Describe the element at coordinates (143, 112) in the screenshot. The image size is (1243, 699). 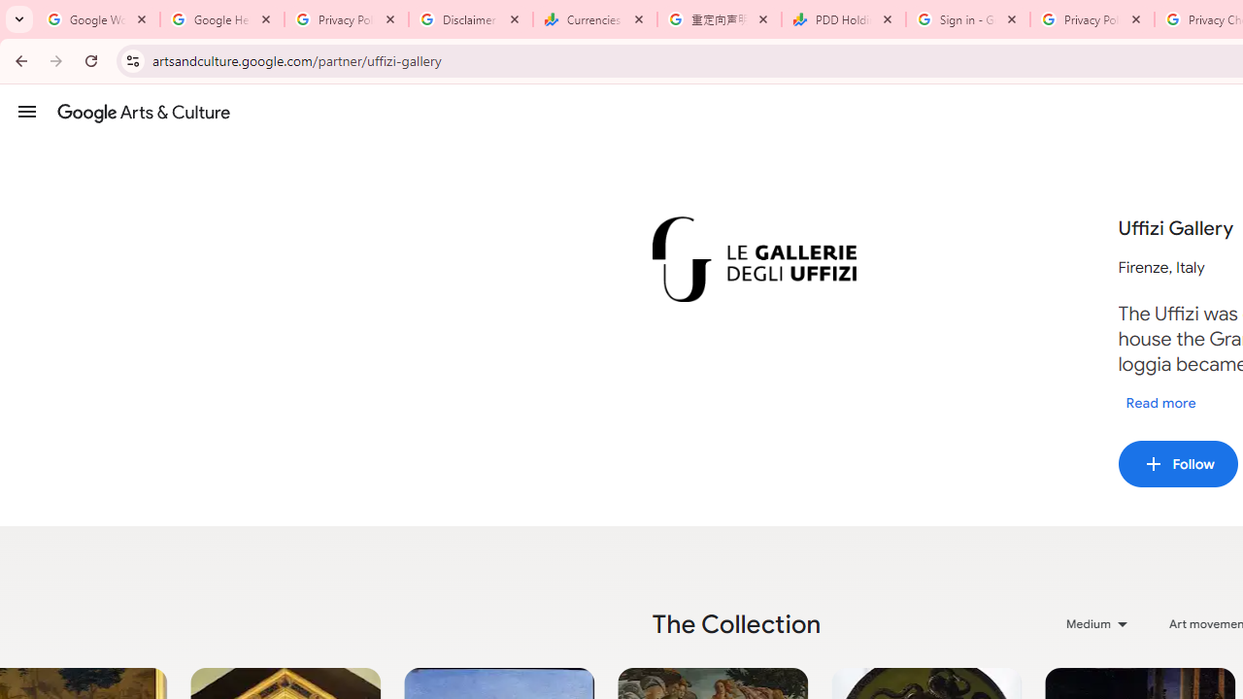
I see `'Google Arts & Culture'` at that location.